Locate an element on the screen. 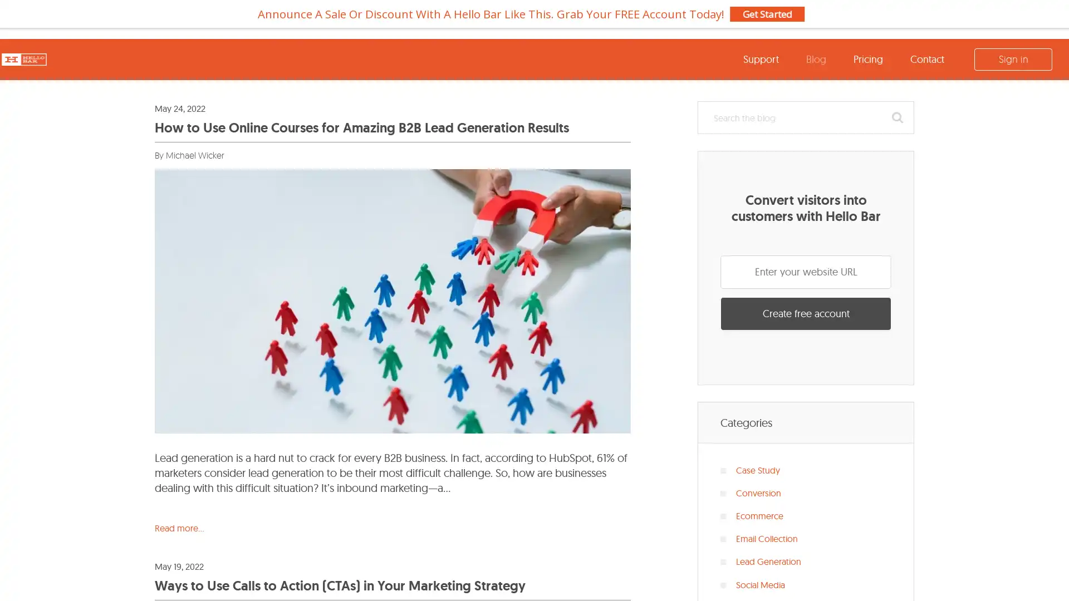 The height and width of the screenshot is (601, 1069). Create free account is located at coordinates (806, 313).